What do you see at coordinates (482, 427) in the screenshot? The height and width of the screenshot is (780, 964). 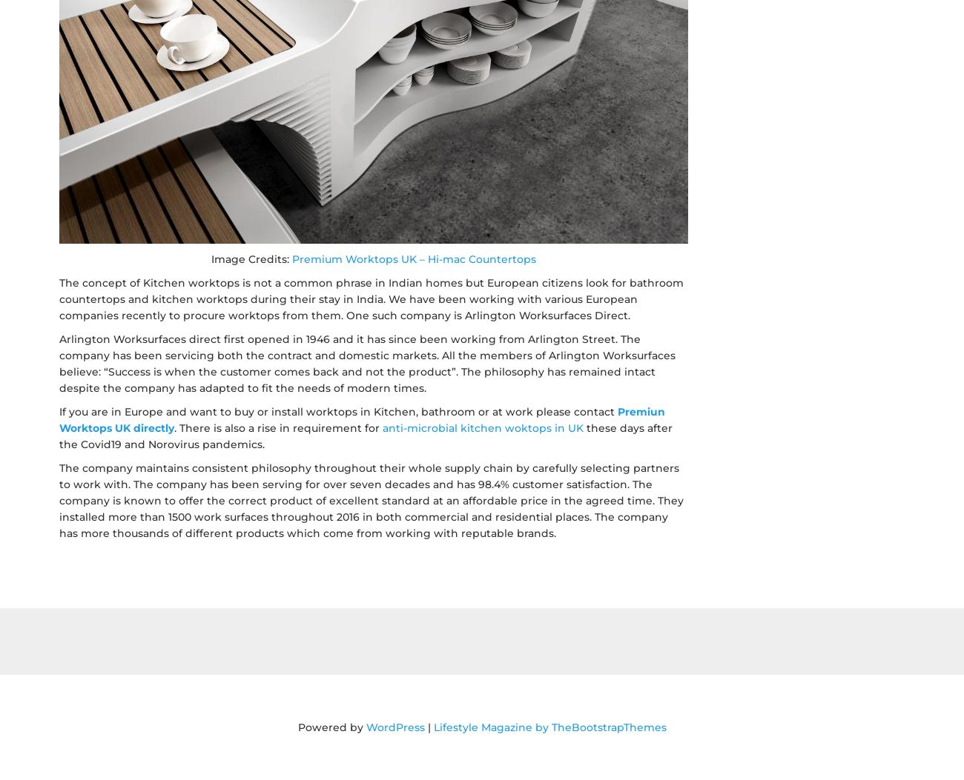 I see `'anti-microbial kitchen woktops in UK'` at bounding box center [482, 427].